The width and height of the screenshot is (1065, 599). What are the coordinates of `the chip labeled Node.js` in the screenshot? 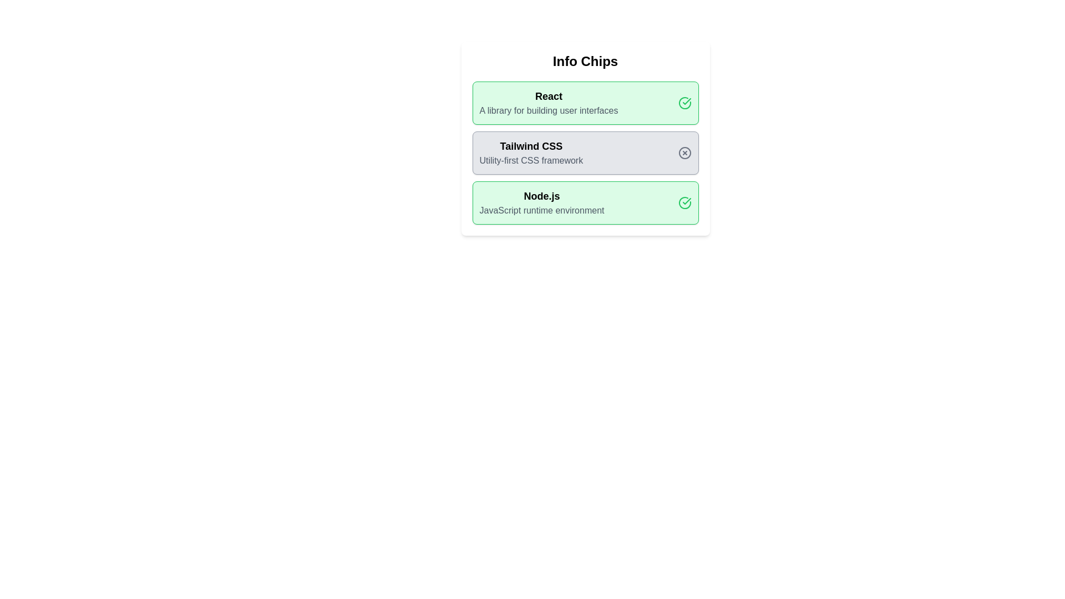 It's located at (585, 203).